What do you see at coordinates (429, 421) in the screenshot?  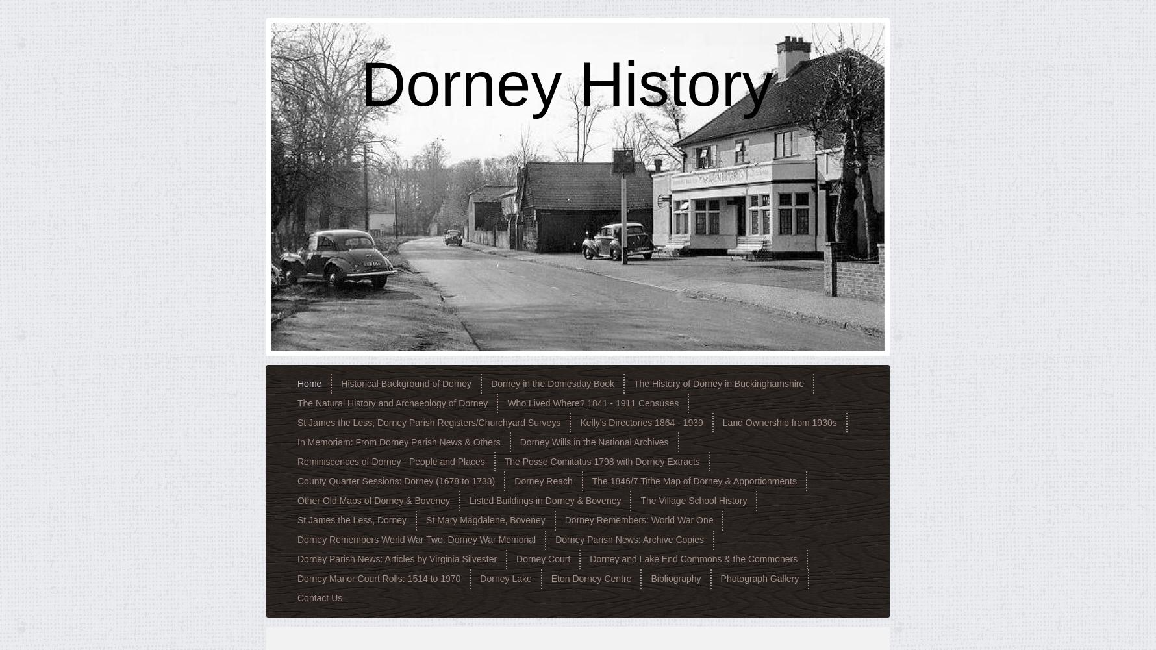 I see `'St James the Less, Dorney Parish Registers/Churchyard Surveys'` at bounding box center [429, 421].